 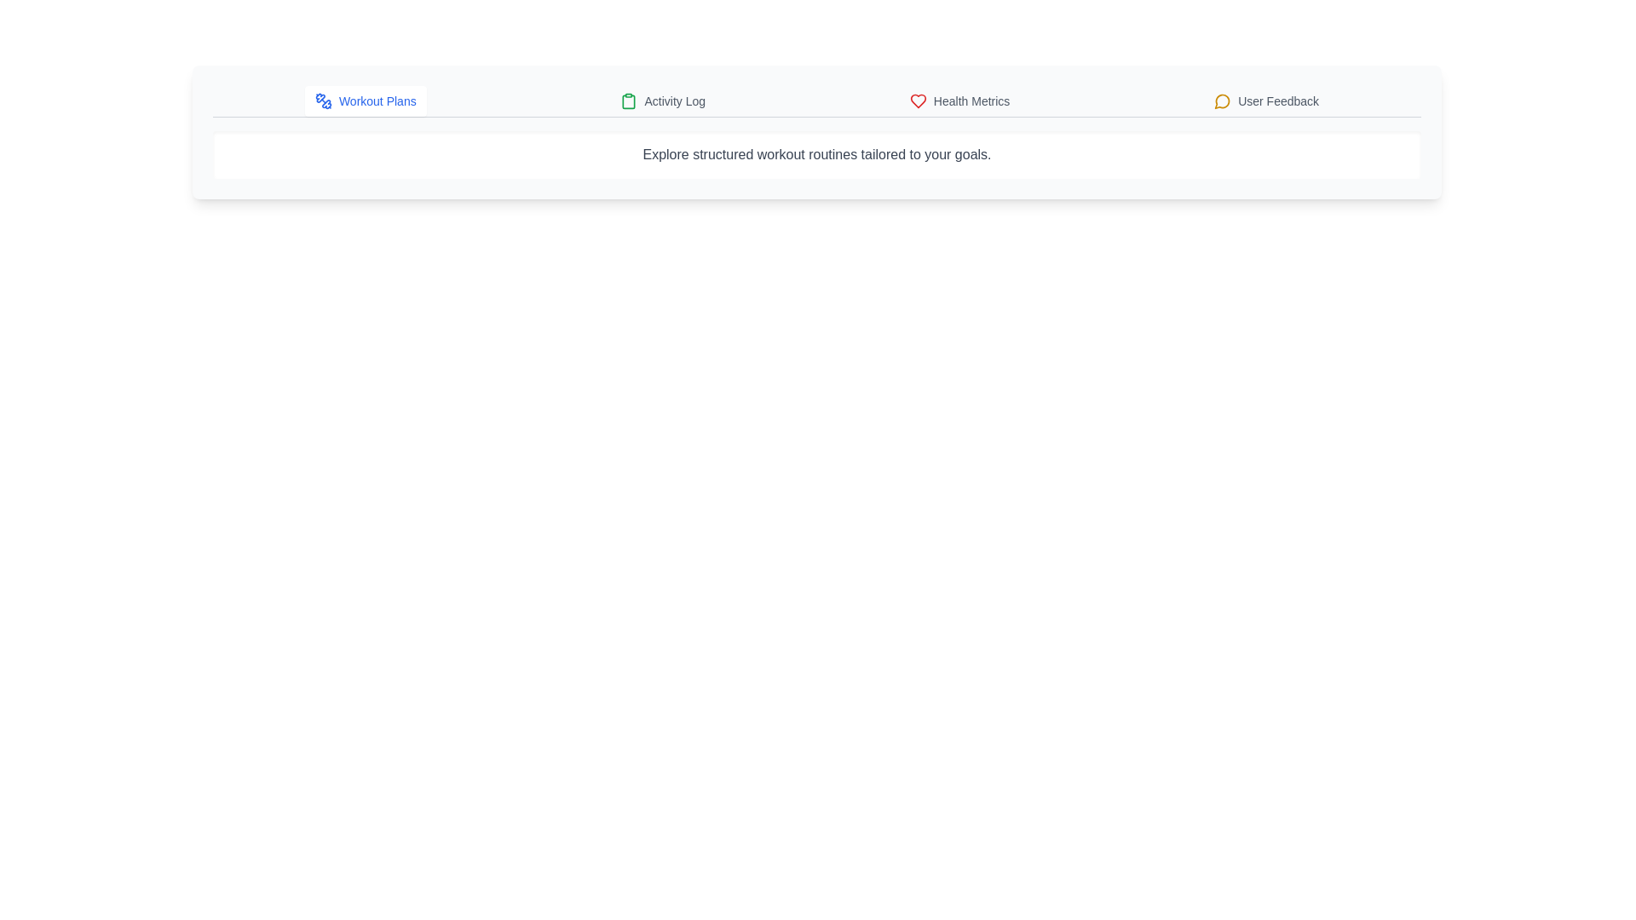 I want to click on the informational Text block located below the toolbar containing 'Workout Plans', 'Activity Log', 'Health Metrics', and 'User Feedback', so click(x=816, y=154).